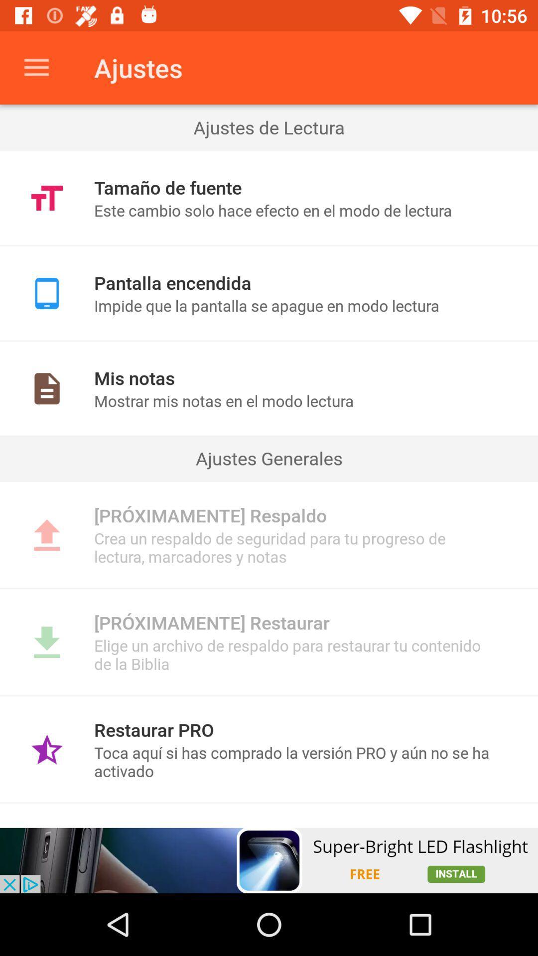  What do you see at coordinates (269, 695) in the screenshot?
I see `the item above restaurar pro` at bounding box center [269, 695].